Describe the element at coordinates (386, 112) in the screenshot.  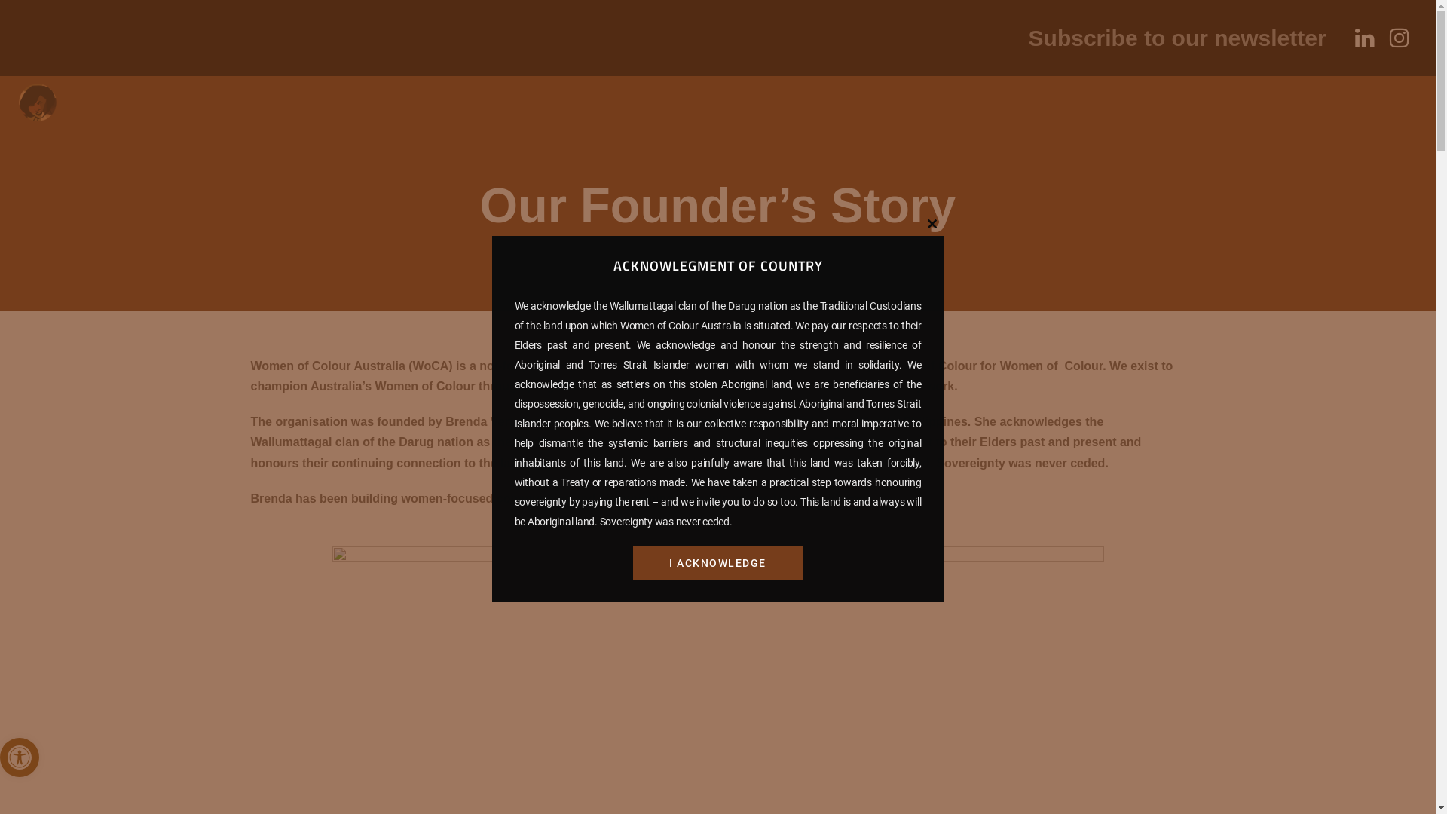
I see `'COMMUNITY SUPPORT'` at that location.